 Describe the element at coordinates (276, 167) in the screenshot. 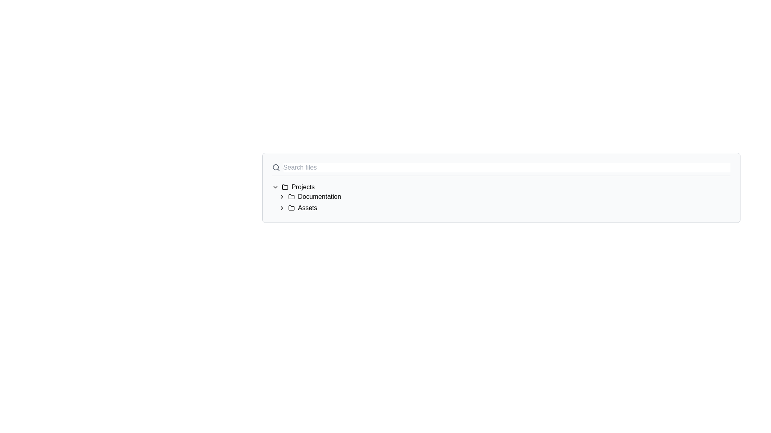

I see `the circular gray magnifying glass icon representing the search function, which is positioned directly to the left of the 'Search files' text input box` at that location.